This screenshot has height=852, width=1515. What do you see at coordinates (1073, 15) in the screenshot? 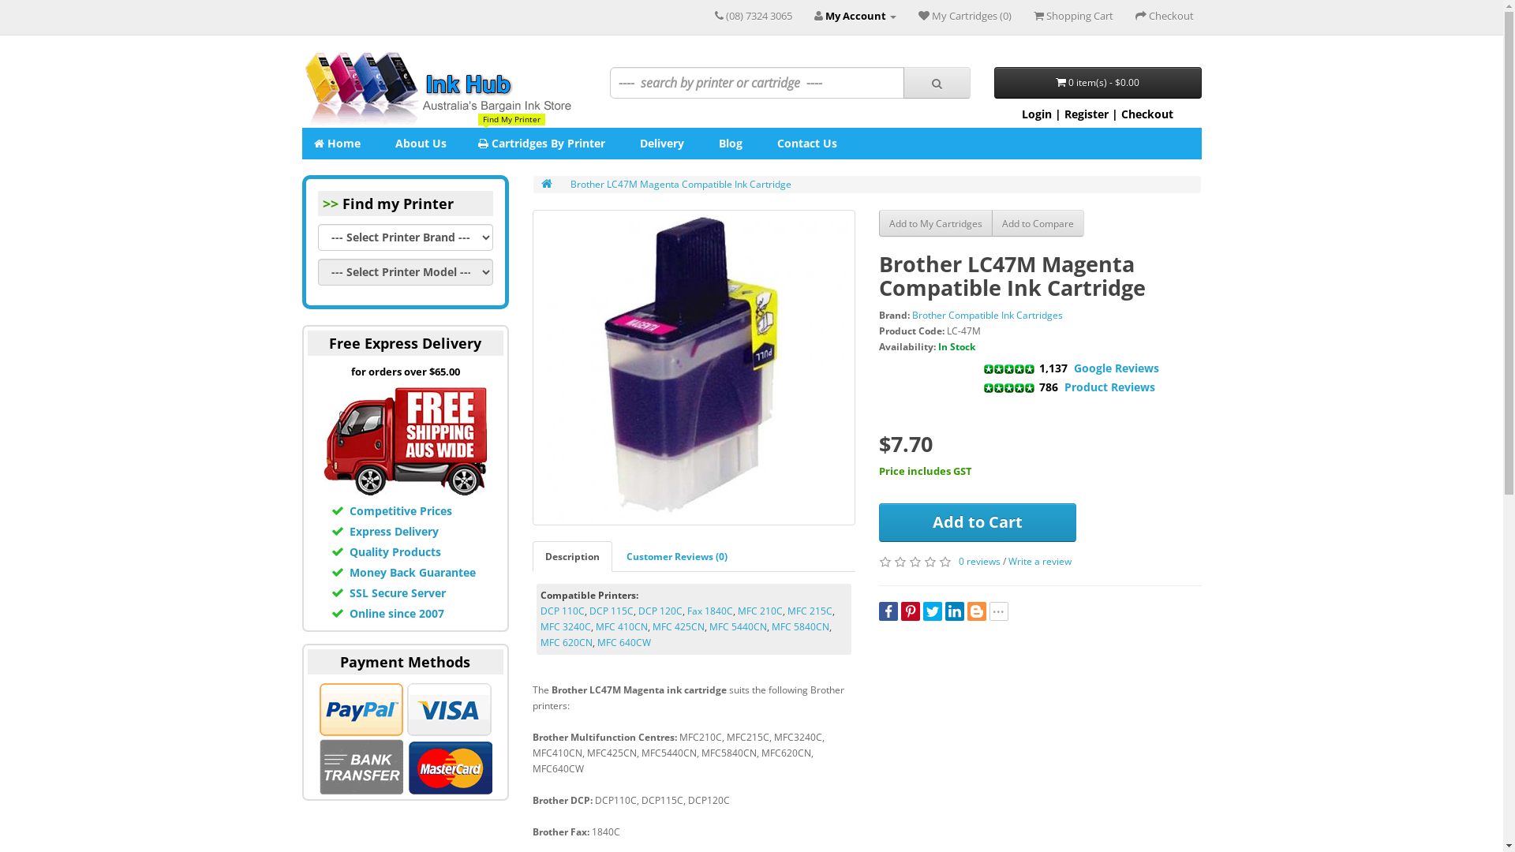
I see `'Shopping Cart'` at bounding box center [1073, 15].